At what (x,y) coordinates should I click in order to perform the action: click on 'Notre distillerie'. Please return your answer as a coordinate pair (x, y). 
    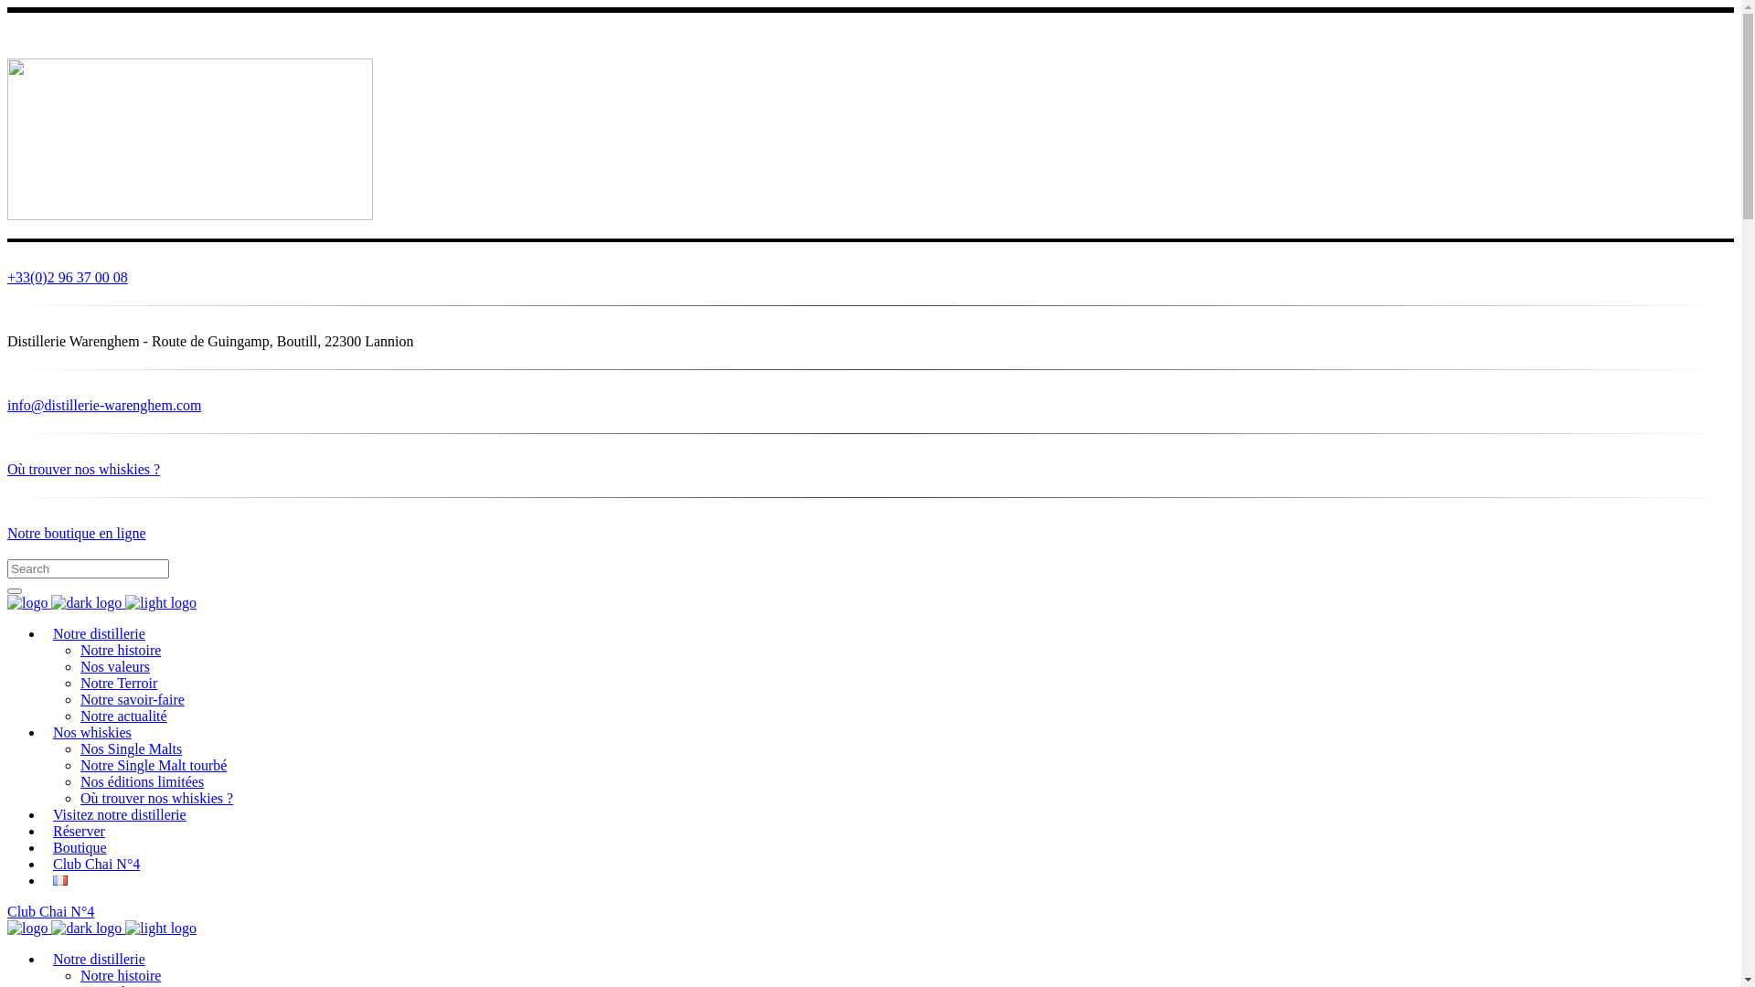
    Looking at the image, I should click on (98, 958).